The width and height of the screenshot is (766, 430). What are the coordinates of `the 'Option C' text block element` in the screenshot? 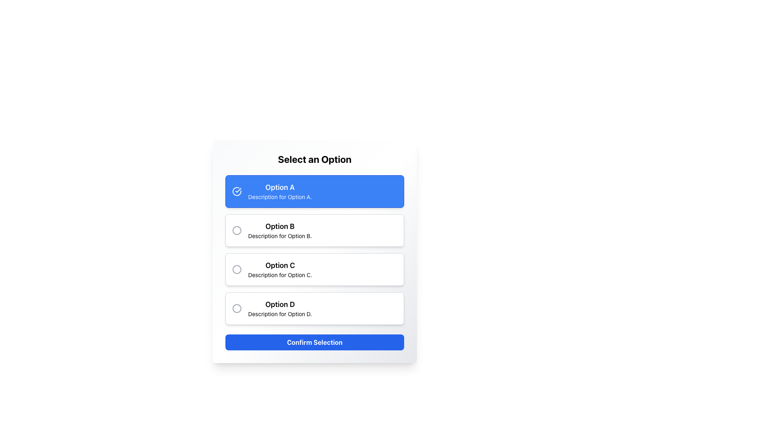 It's located at (280, 269).